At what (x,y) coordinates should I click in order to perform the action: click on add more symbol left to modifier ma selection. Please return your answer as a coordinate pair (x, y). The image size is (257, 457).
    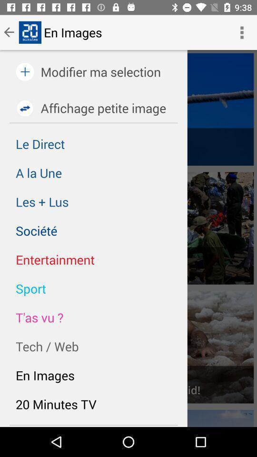
    Looking at the image, I should click on (25, 71).